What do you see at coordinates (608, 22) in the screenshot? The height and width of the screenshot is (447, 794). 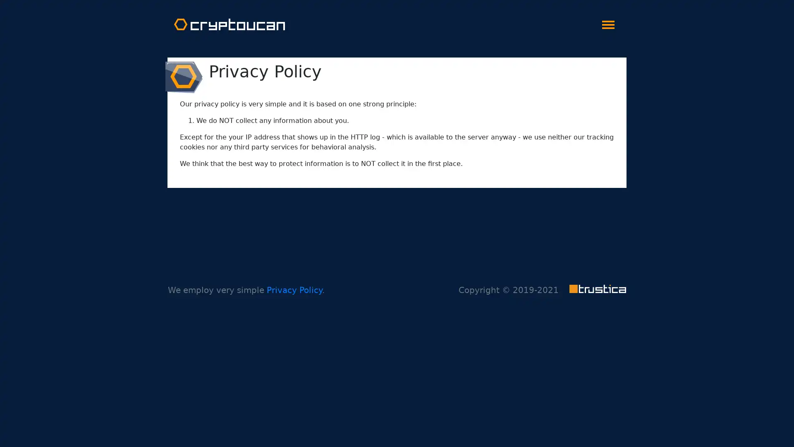 I see `Toggle navigation` at bounding box center [608, 22].